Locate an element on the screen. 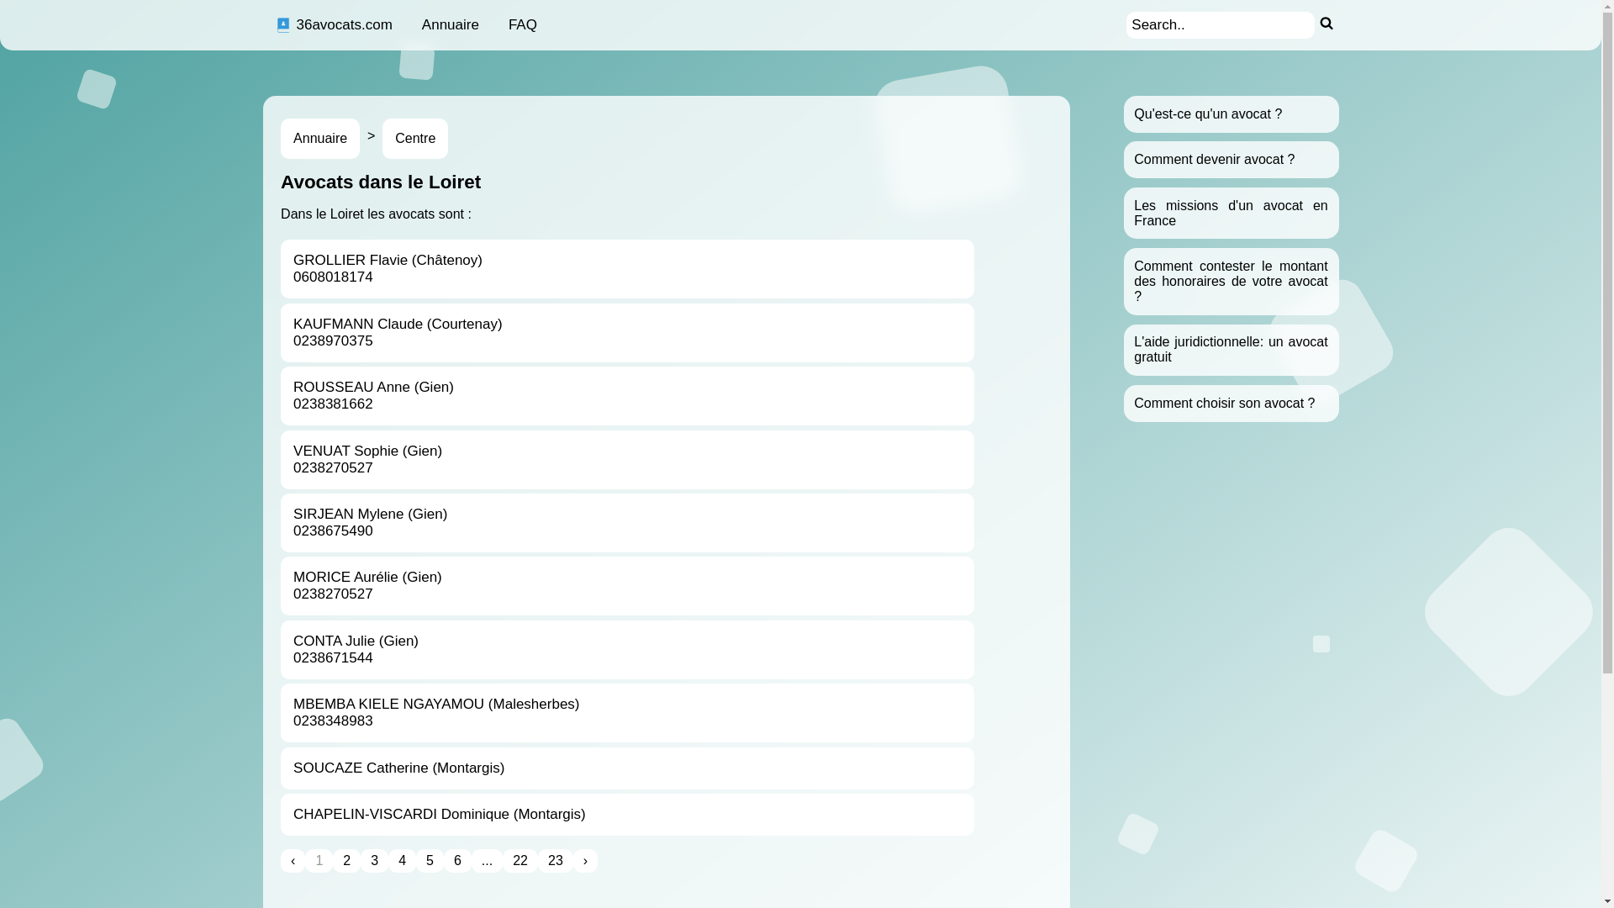 The width and height of the screenshot is (1614, 908). '23' is located at coordinates (556, 860).